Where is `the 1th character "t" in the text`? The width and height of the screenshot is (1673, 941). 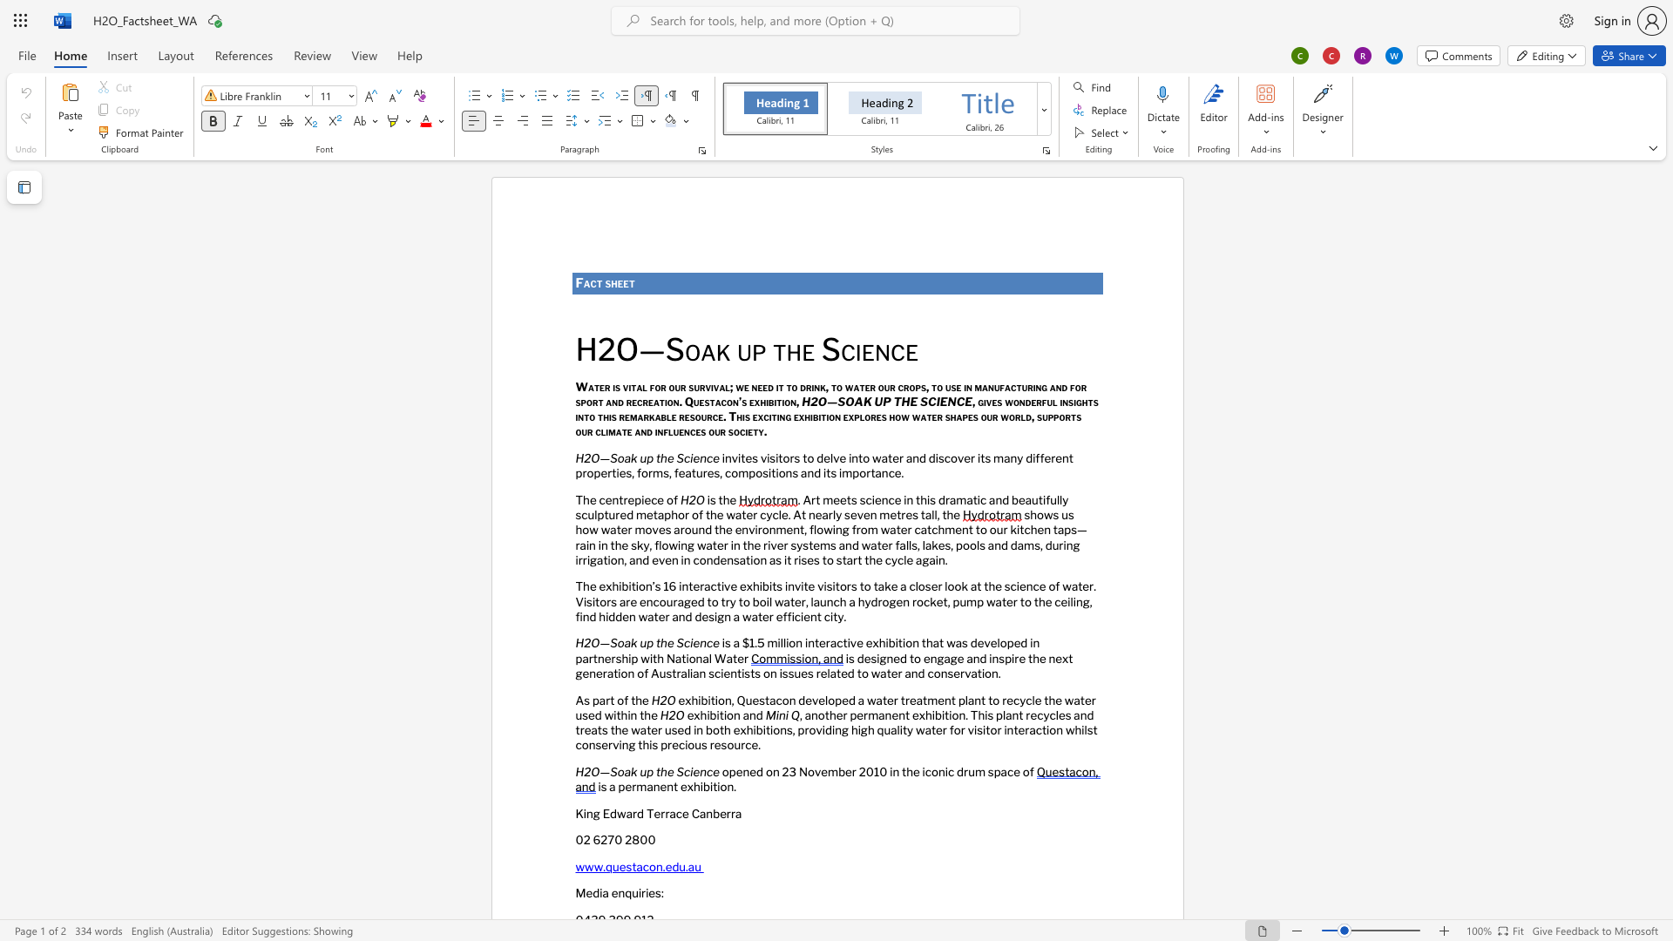
the 1th character "t" in the text is located at coordinates (778, 350).